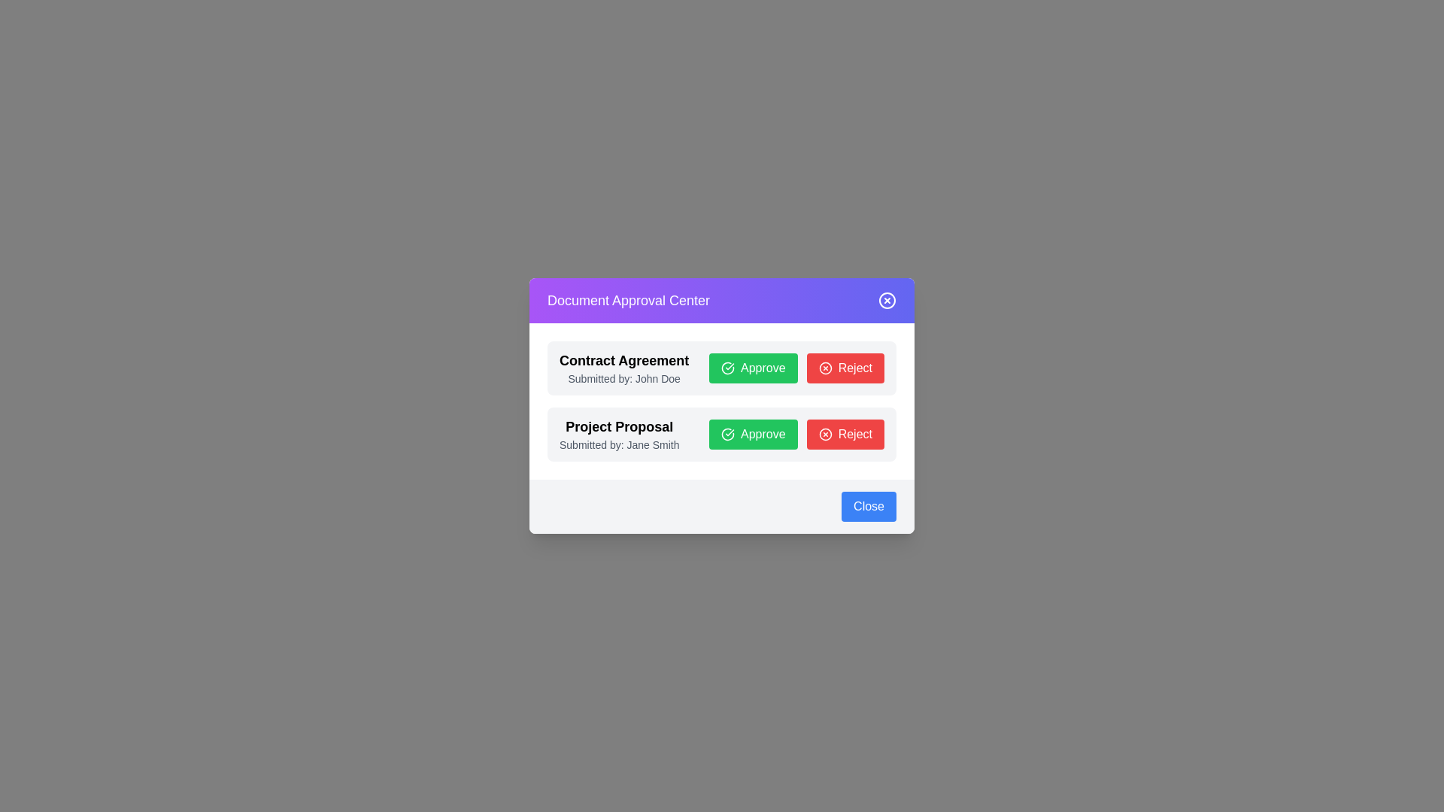  What do you see at coordinates (796, 435) in the screenshot?
I see `the 'Approve' button, which is green and located in the lower section of the 'Project Proposal' item card, positioned on the left side of the pair of interactive action buttons` at bounding box center [796, 435].